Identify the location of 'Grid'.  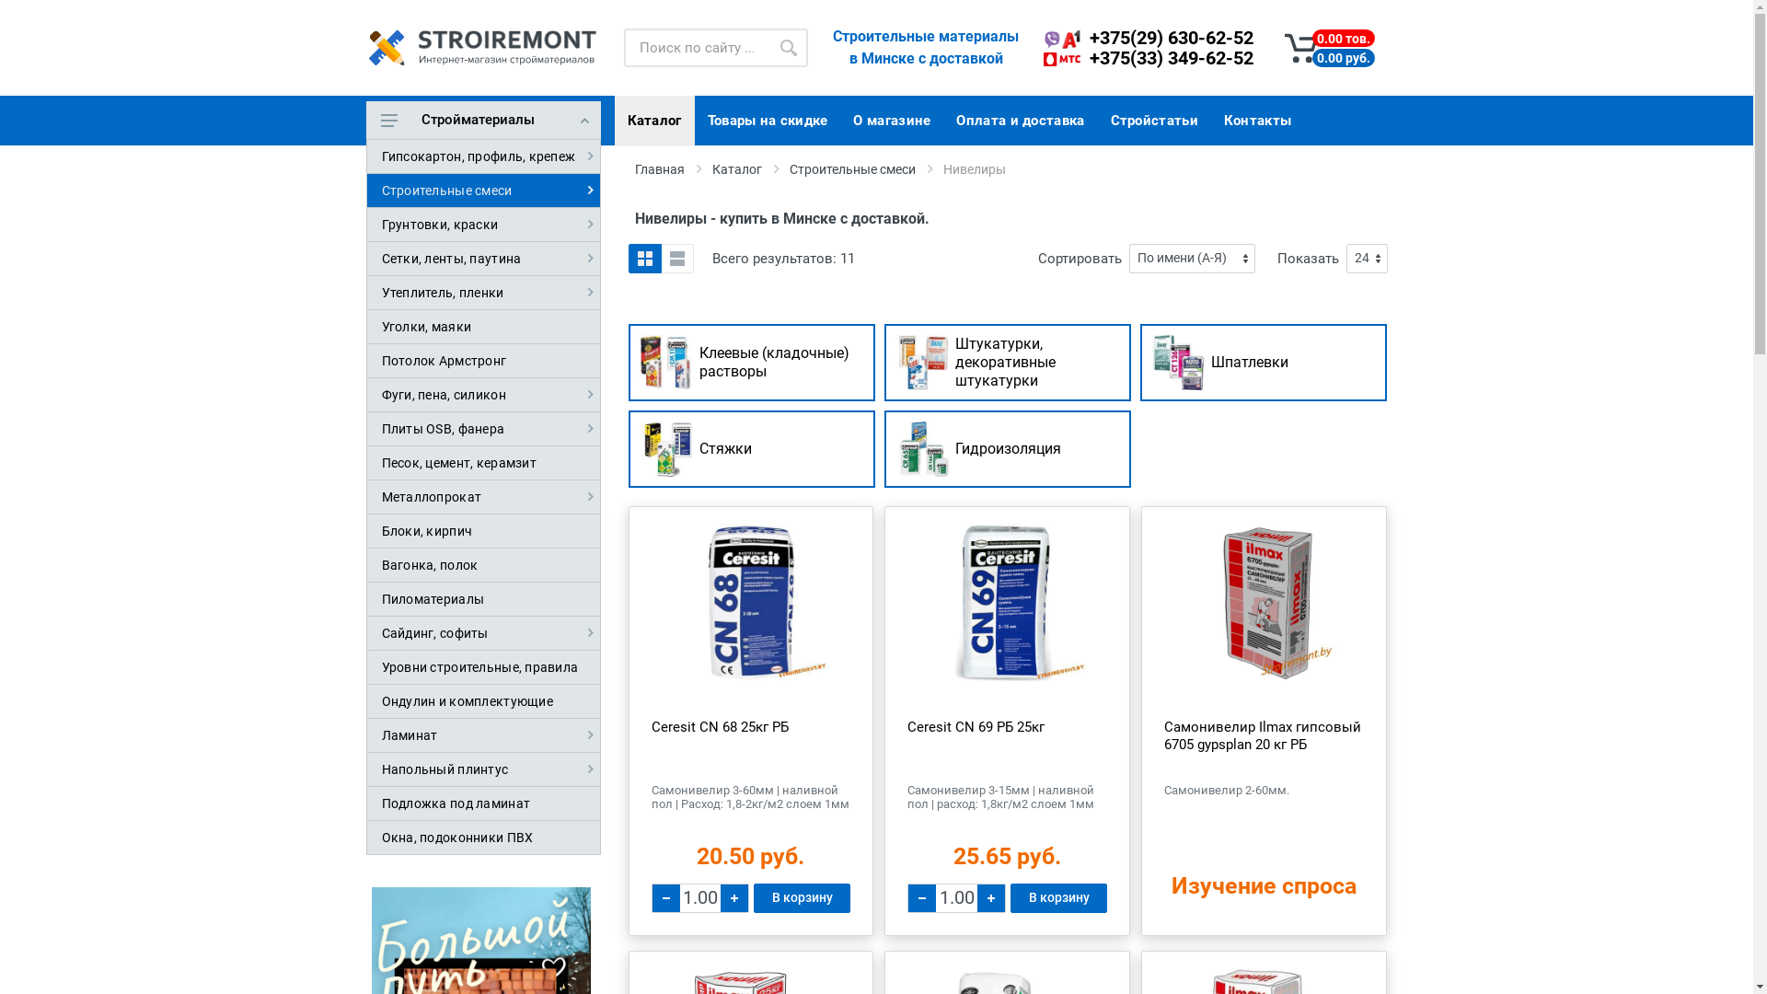
(644, 259).